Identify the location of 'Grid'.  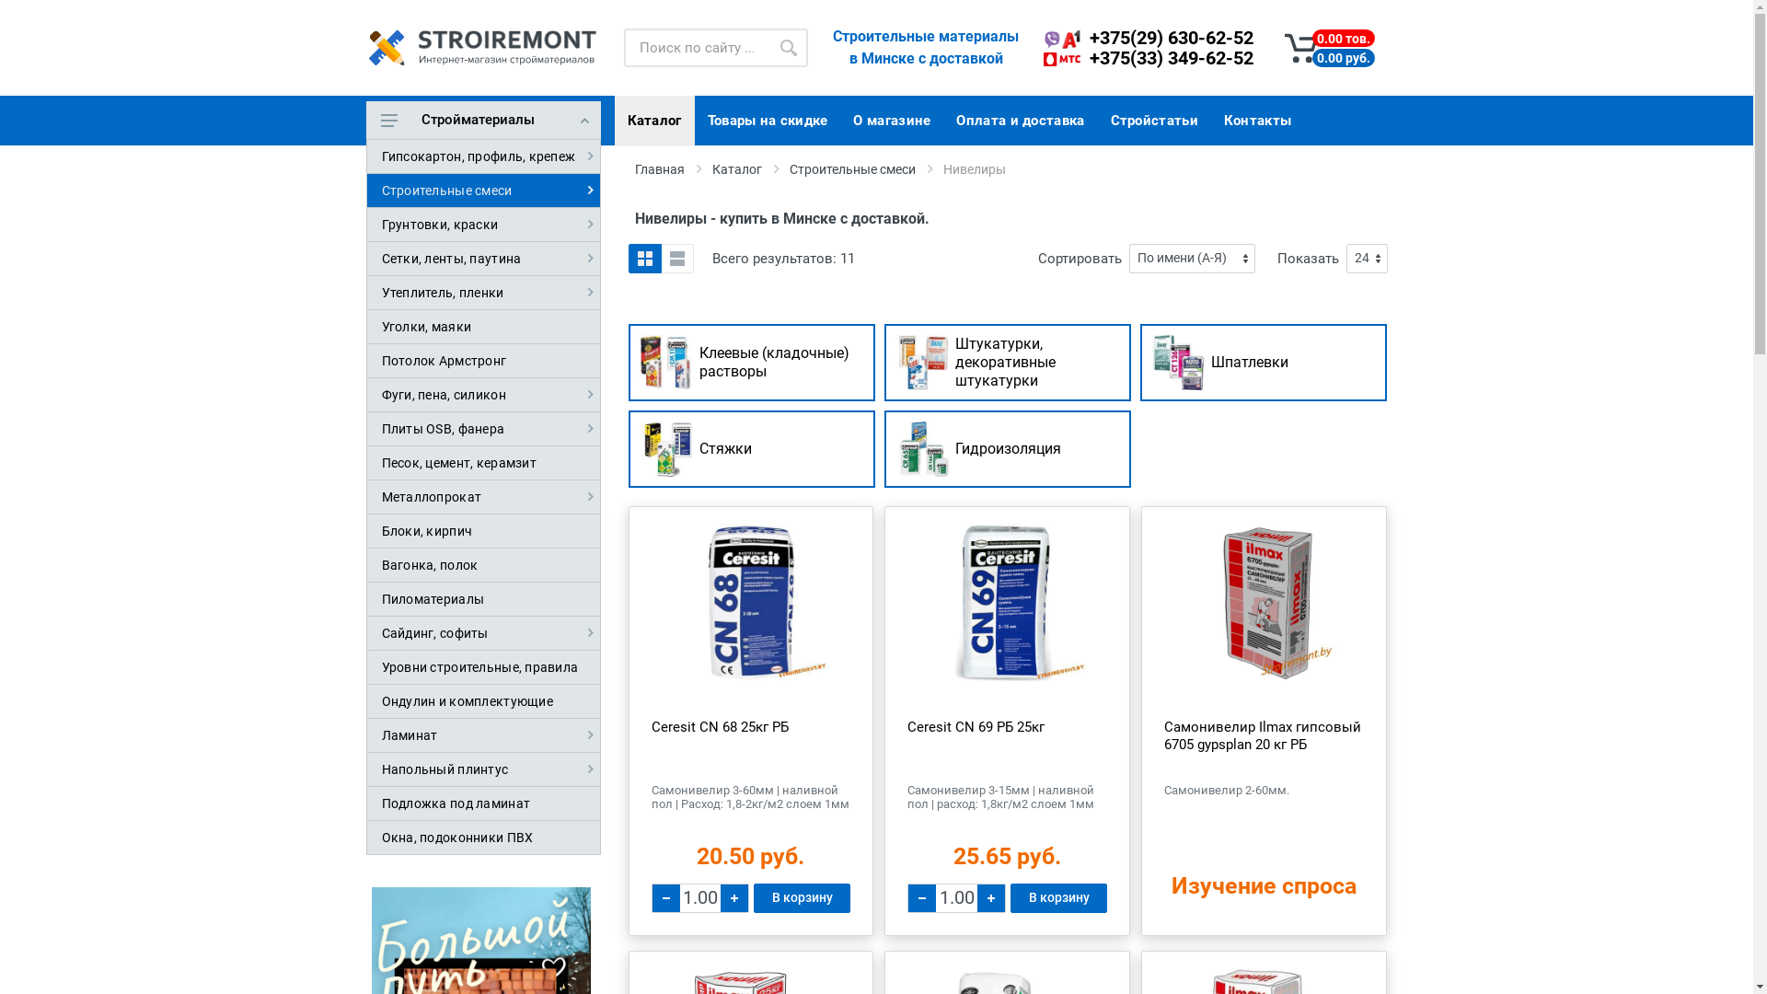
(644, 259).